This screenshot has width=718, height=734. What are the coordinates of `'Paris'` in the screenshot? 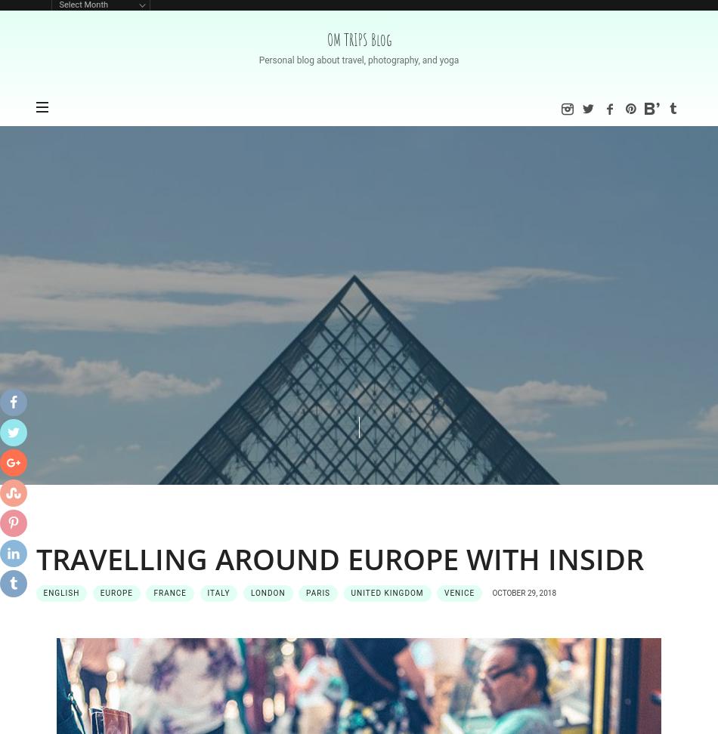 It's located at (305, 592).